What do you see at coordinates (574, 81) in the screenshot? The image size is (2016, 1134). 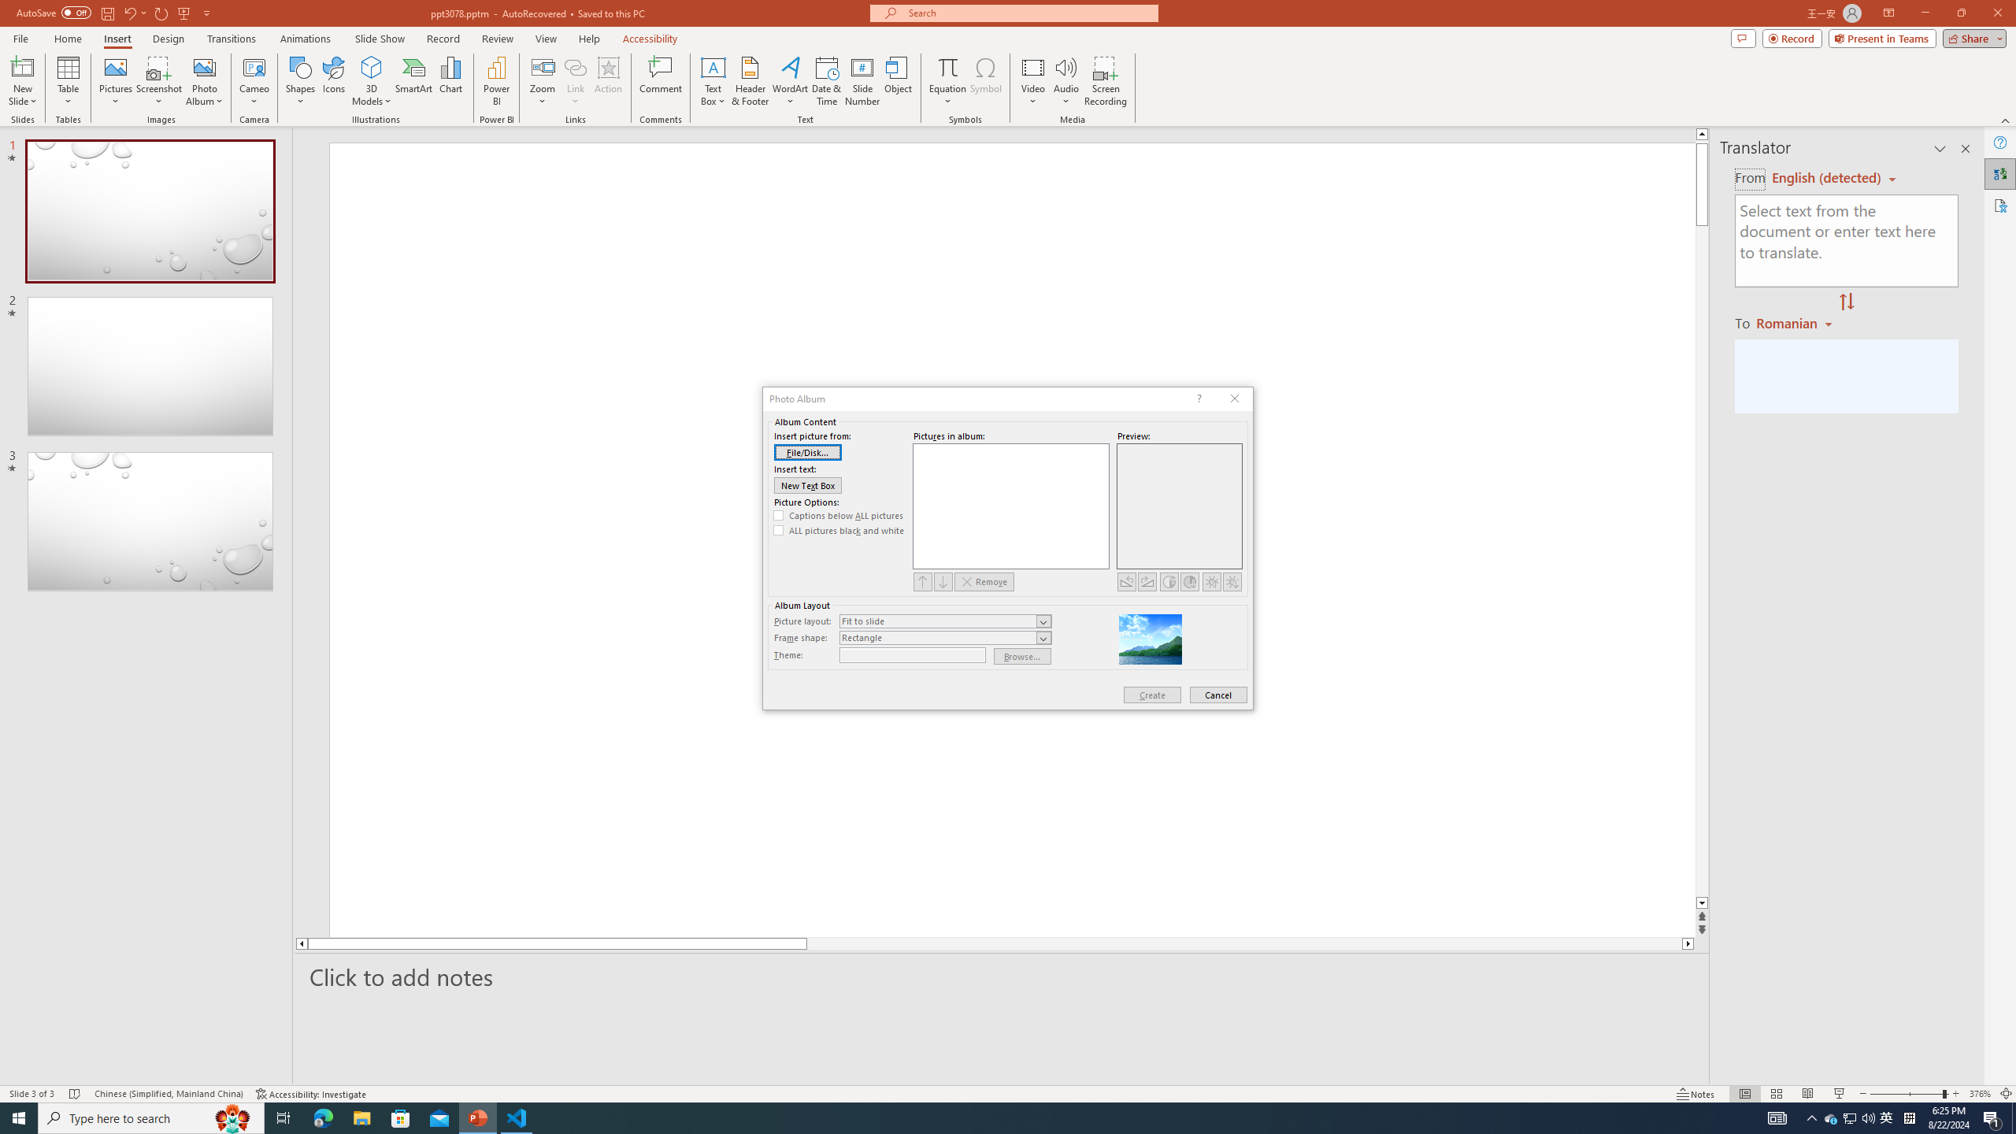 I see `'Link'` at bounding box center [574, 81].